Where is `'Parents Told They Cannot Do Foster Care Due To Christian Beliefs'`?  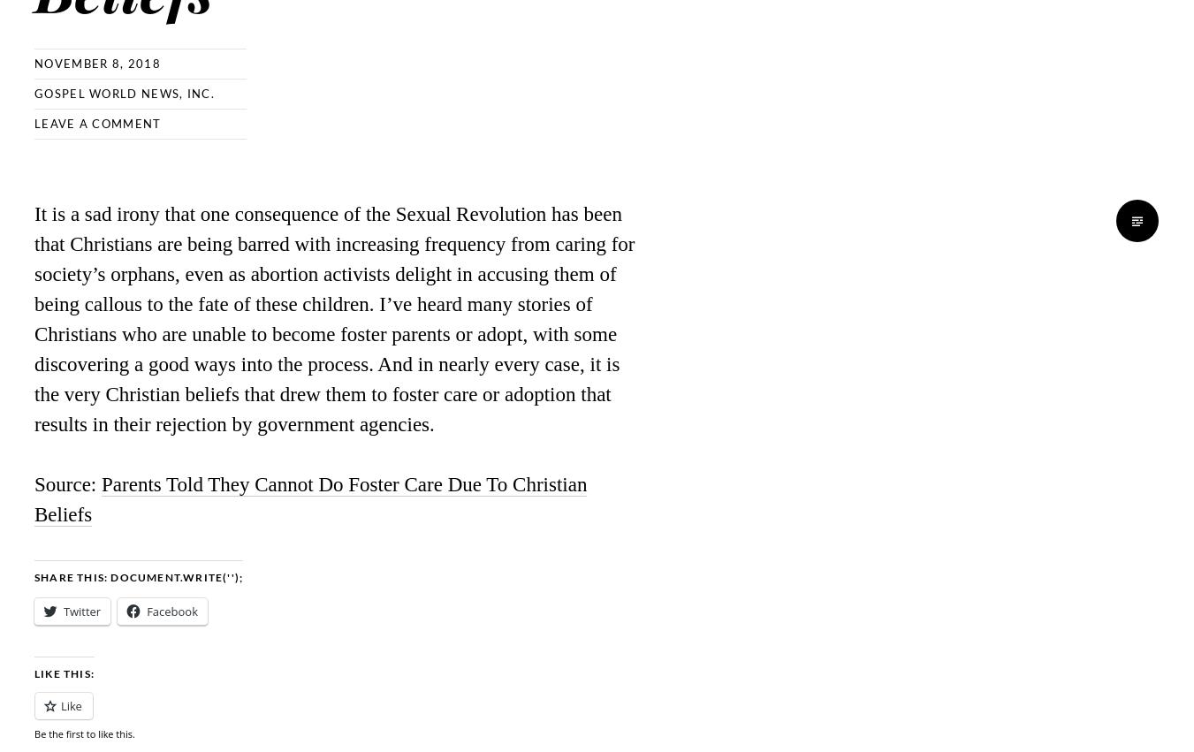
'Parents Told They Cannot Do Foster Care Due To Christian Beliefs' is located at coordinates (310, 498).